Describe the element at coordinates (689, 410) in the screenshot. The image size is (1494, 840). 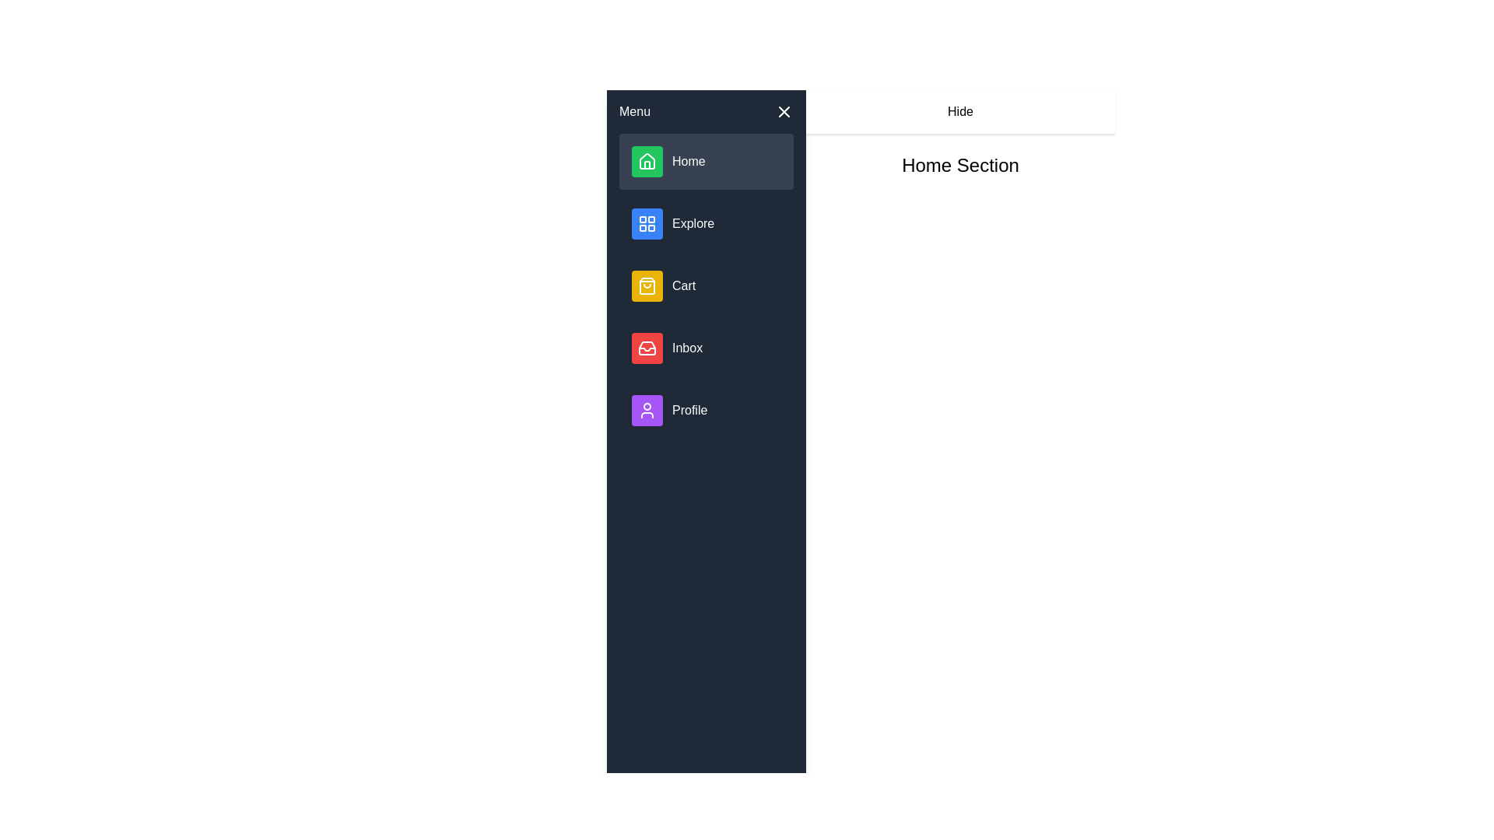
I see `the 'Profile' text label located below the 'Inbox' item in the vertical menu, aligned to the right of the purple circular user profile icon` at that location.